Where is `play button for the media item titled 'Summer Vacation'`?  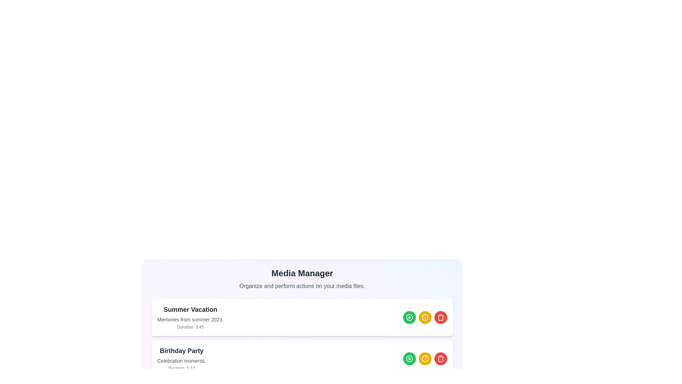
play button for the media item titled 'Summer Vacation' is located at coordinates (409, 317).